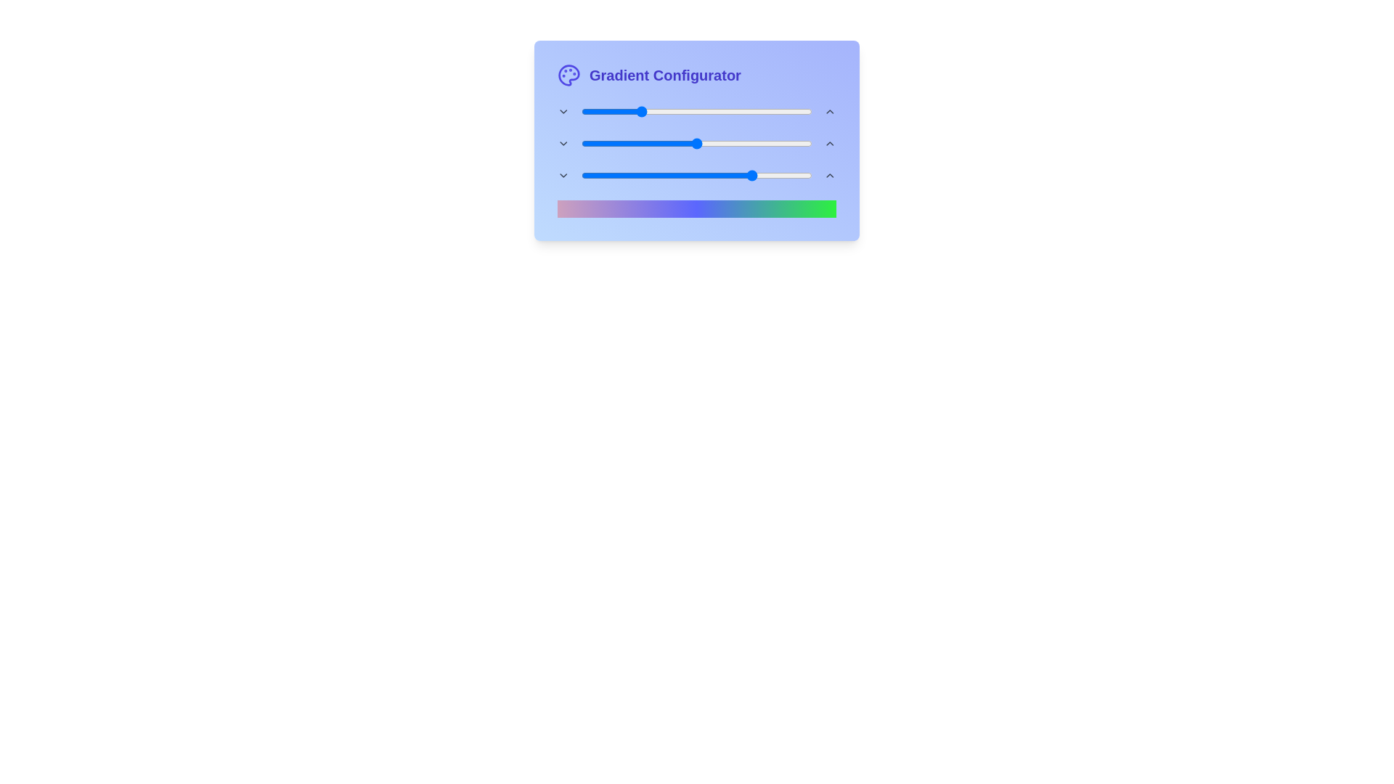  Describe the element at coordinates (583, 143) in the screenshot. I see `the mid gradient slider to 1 percent` at that location.